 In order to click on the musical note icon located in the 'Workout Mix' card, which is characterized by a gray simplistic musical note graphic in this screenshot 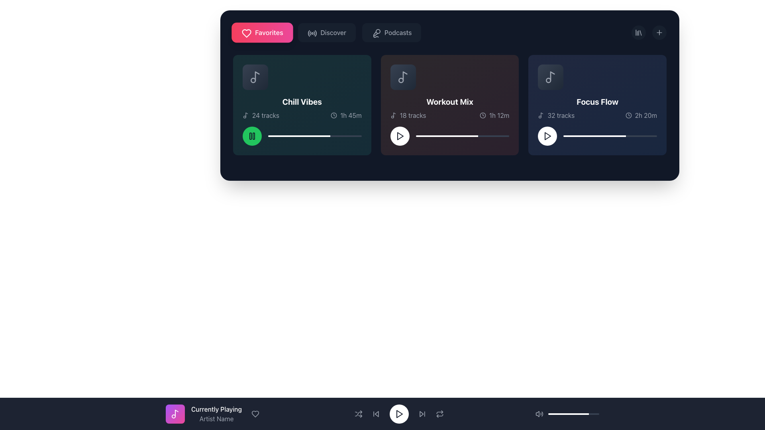, I will do `click(403, 77)`.